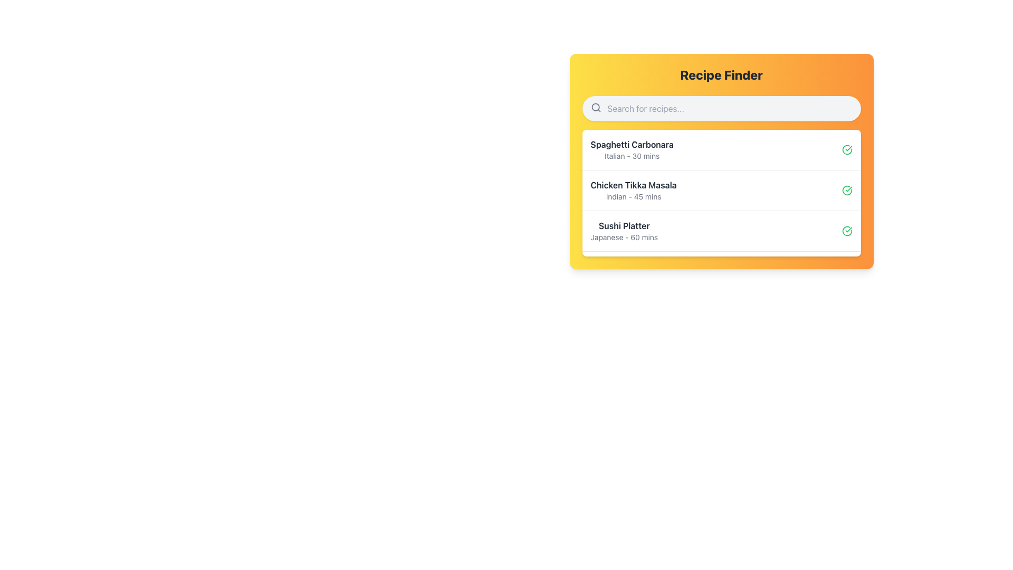  I want to click on the header text indicating the purpose of the interface, which is to find recipes, located at the top center of the rounded rectangular card with a yellow-to-orange gradient background, so click(721, 74).